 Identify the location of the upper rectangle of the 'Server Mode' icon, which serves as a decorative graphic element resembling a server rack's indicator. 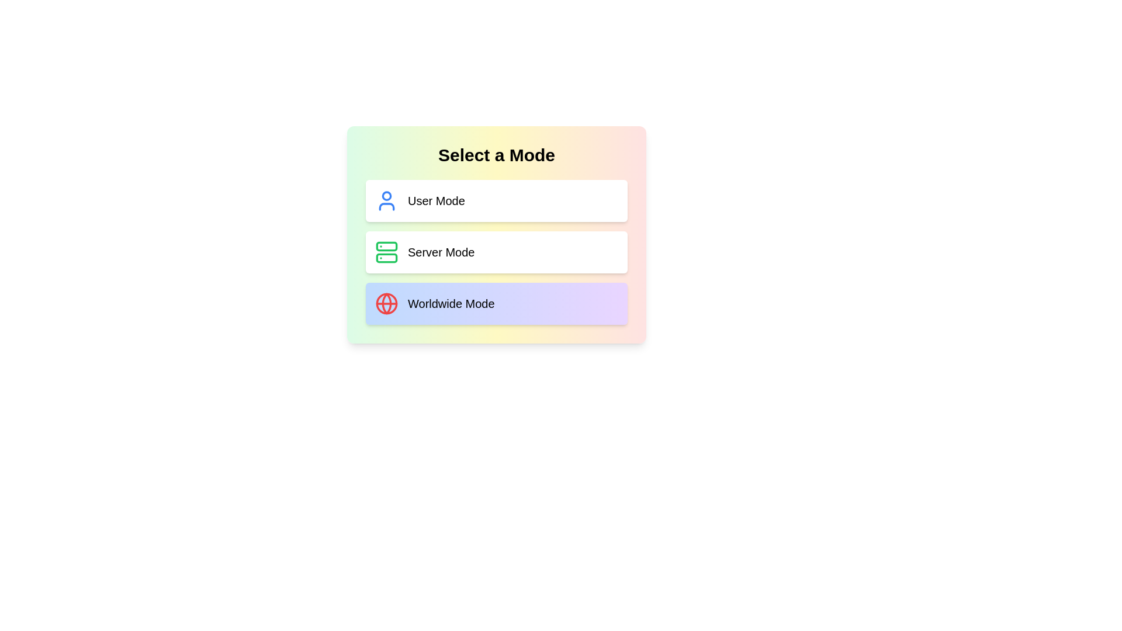
(387, 245).